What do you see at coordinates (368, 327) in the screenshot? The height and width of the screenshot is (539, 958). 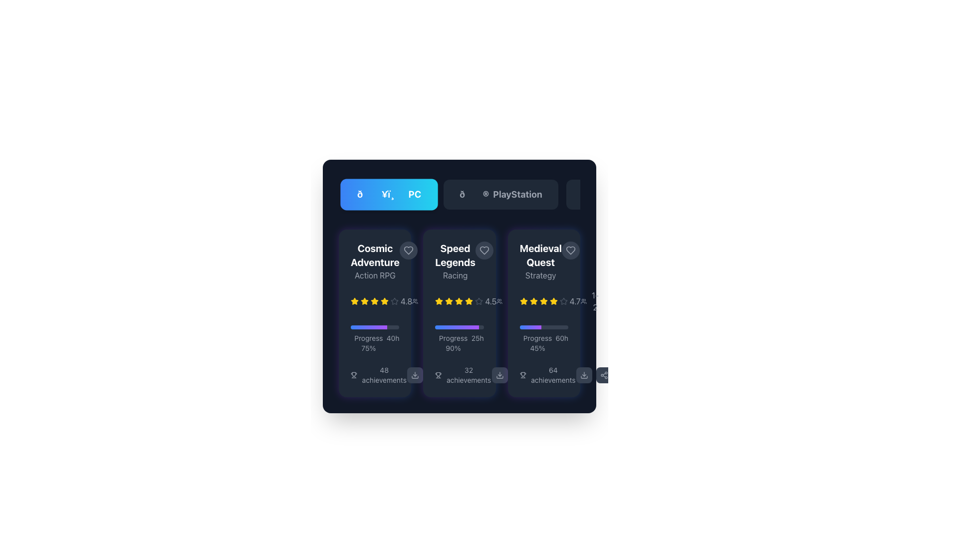 I see `the gradient-filled progress bar indicator located in the lower center of the 'Cosmic Adventure' card, beneath the rating stars and above the achievements section` at bounding box center [368, 327].